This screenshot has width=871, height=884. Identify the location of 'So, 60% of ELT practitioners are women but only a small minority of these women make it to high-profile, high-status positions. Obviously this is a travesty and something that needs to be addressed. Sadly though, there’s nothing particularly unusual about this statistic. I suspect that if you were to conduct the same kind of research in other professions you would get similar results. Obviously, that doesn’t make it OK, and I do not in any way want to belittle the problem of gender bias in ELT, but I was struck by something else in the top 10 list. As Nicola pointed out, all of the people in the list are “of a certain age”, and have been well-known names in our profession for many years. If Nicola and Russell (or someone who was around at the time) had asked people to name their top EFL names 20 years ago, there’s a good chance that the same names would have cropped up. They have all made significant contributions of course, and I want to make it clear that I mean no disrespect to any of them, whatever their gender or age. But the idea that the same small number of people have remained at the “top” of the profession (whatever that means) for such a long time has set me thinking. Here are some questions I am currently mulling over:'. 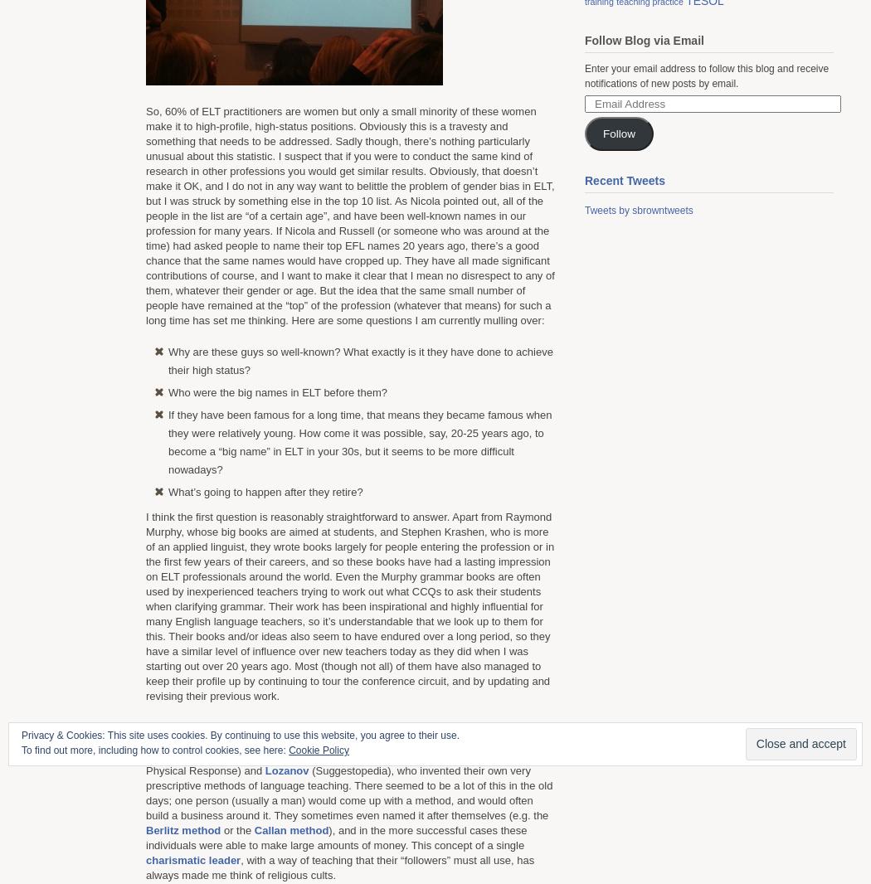
(348, 215).